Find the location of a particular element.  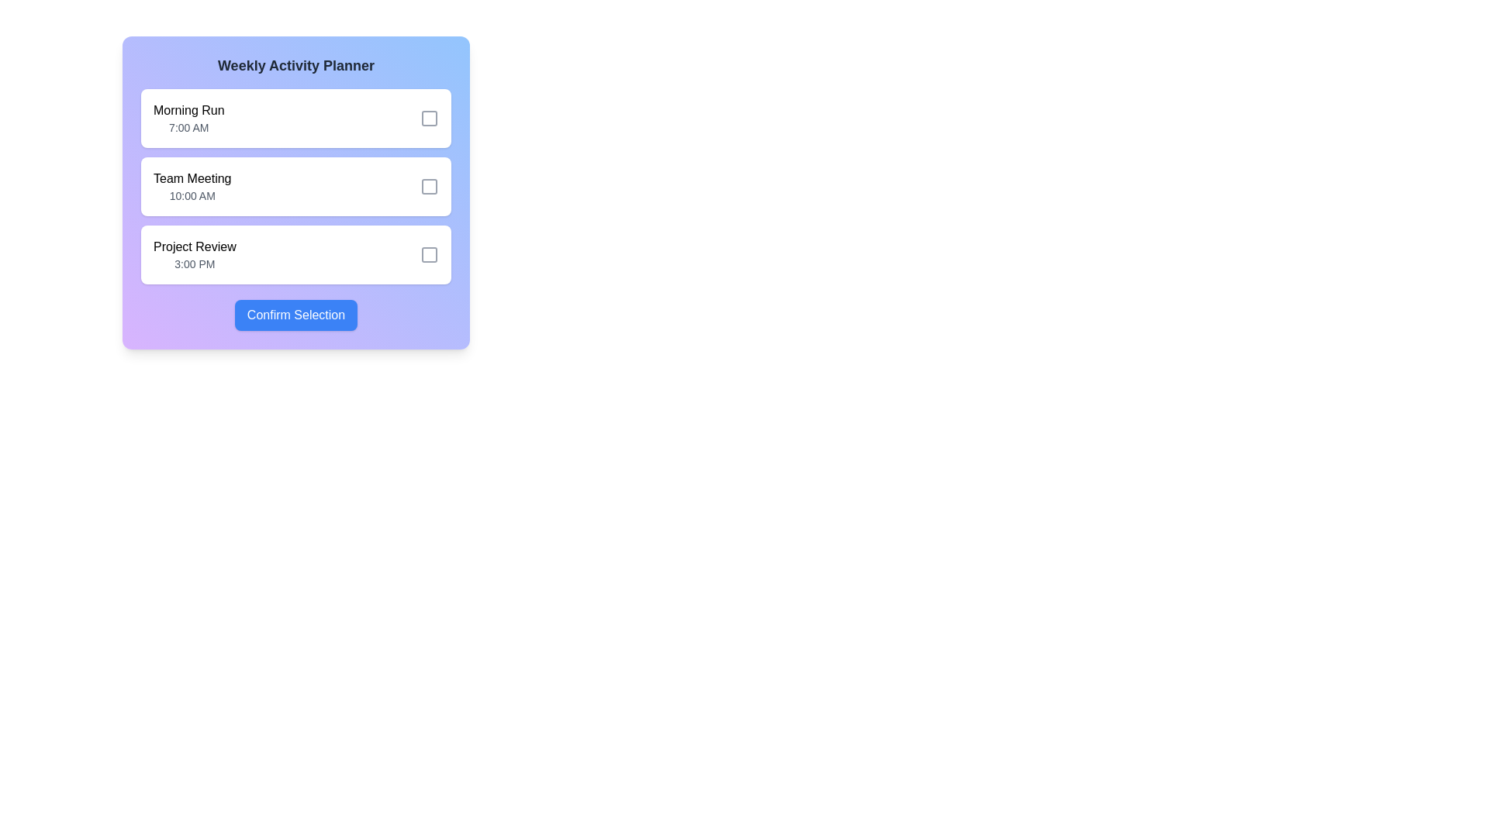

the empty square checkbox adjacent to the '3:00 PM' text in the 'Project Review' entry row is located at coordinates (429, 253).